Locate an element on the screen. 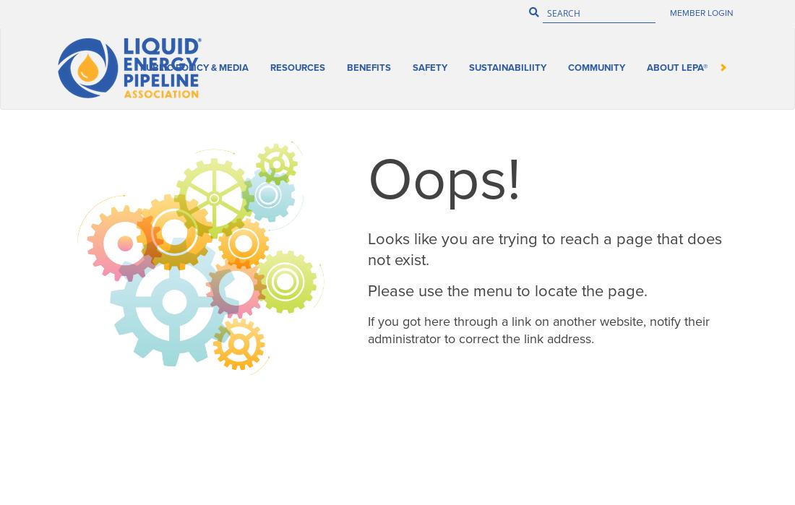  'Community' is located at coordinates (596, 99).